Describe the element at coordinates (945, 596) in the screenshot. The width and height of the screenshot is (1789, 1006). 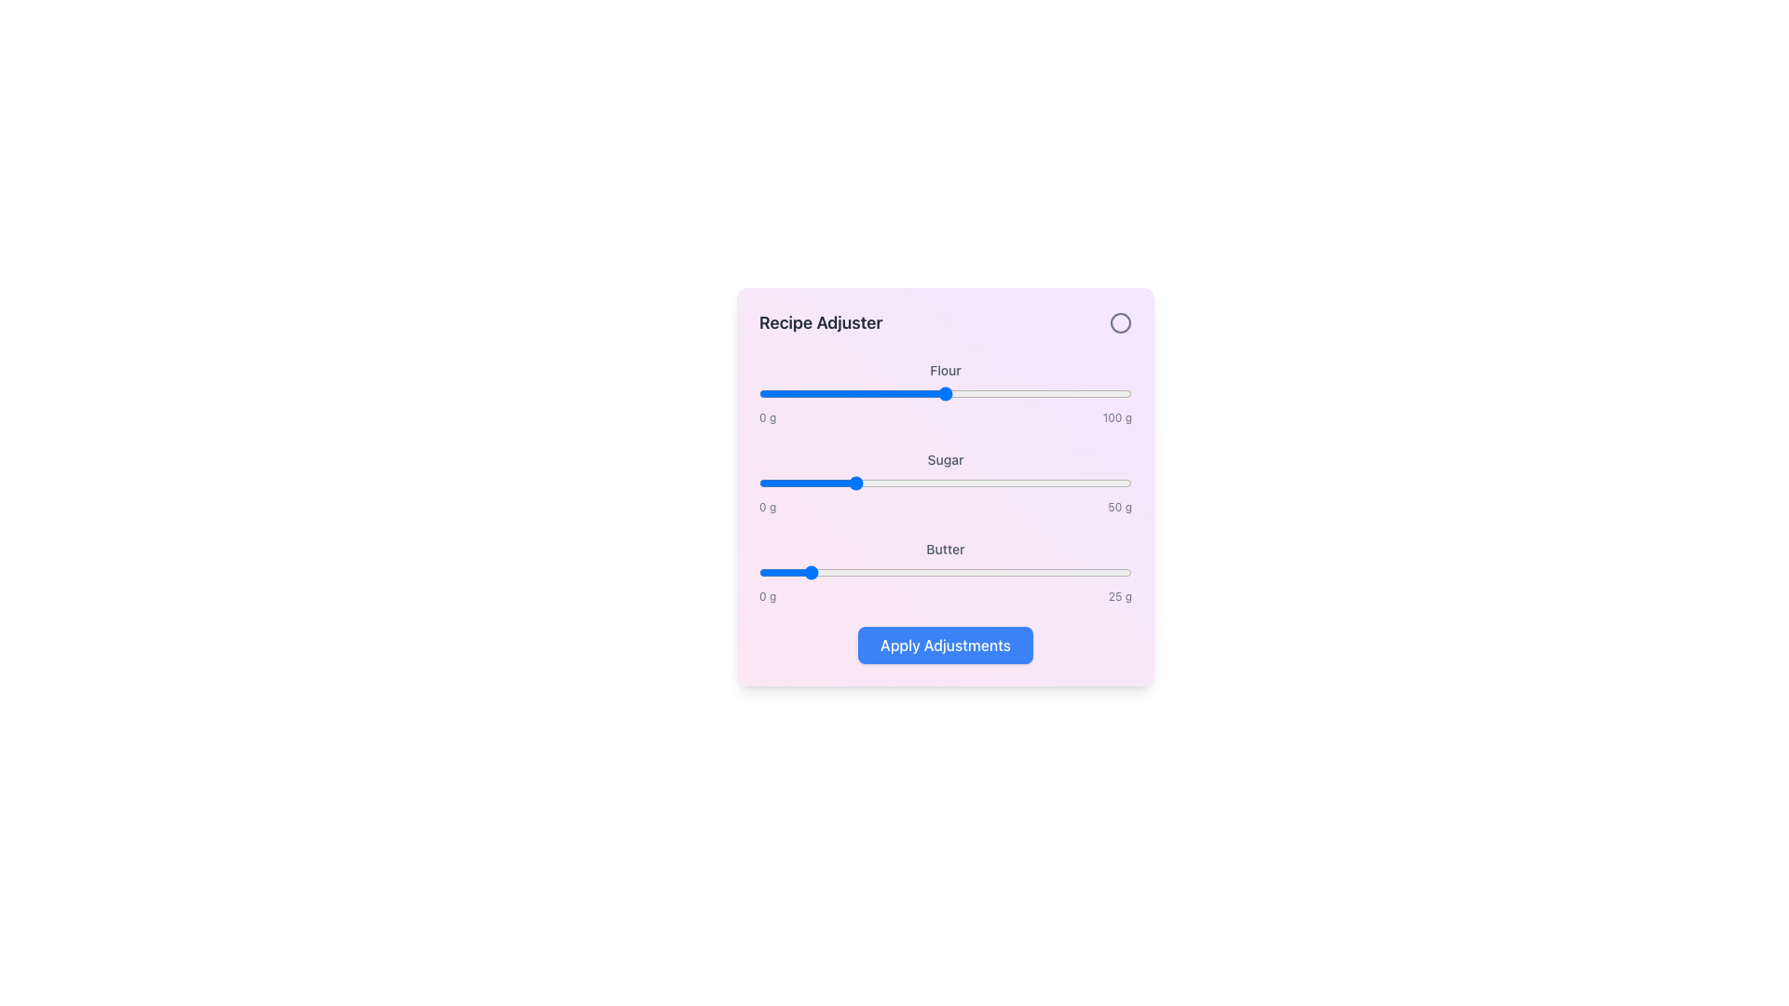
I see `the text label displaying '0 g' and '25 g', which is positioned below the 'Butter' slider` at that location.